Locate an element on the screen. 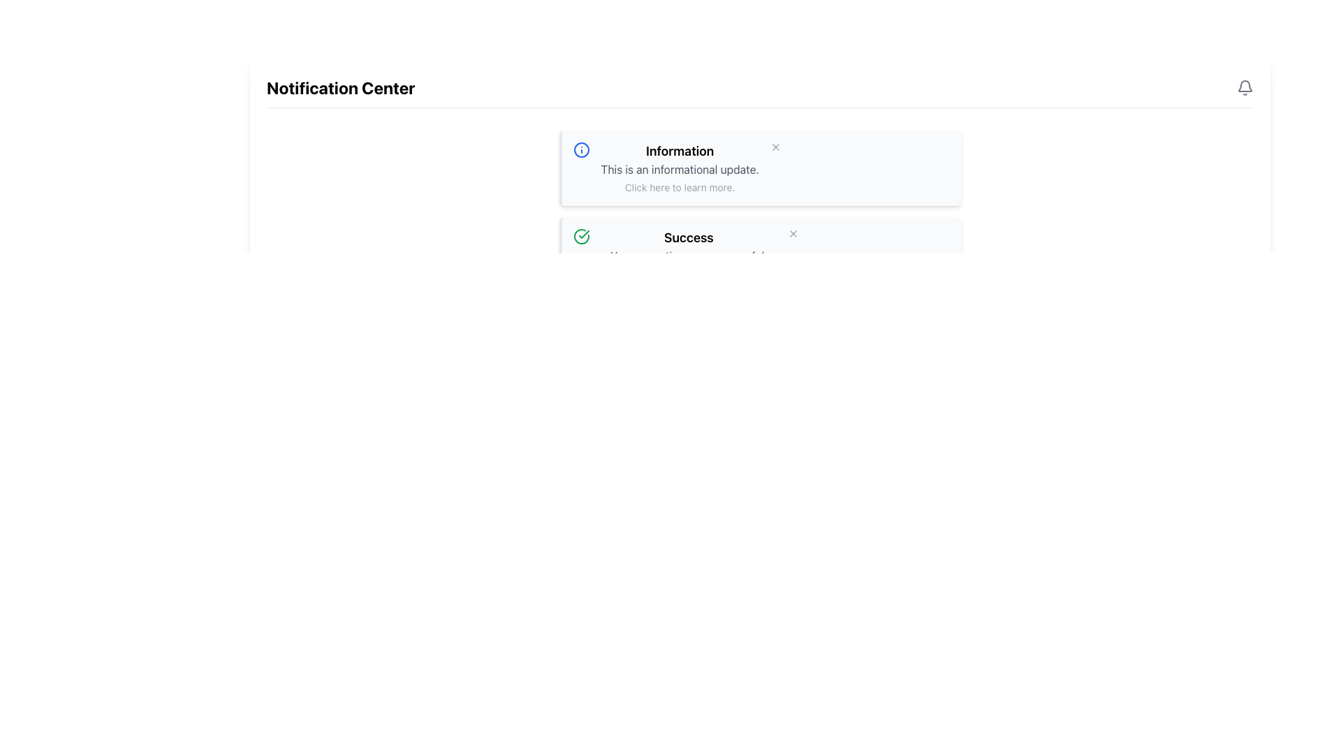 The width and height of the screenshot is (1341, 754). the checkmark symbol within the circular success icon located in the second notification item titled 'Success' in the notification center panel is located at coordinates (583, 233).